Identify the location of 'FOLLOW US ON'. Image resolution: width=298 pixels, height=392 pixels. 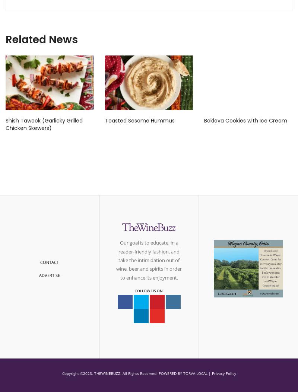
(149, 290).